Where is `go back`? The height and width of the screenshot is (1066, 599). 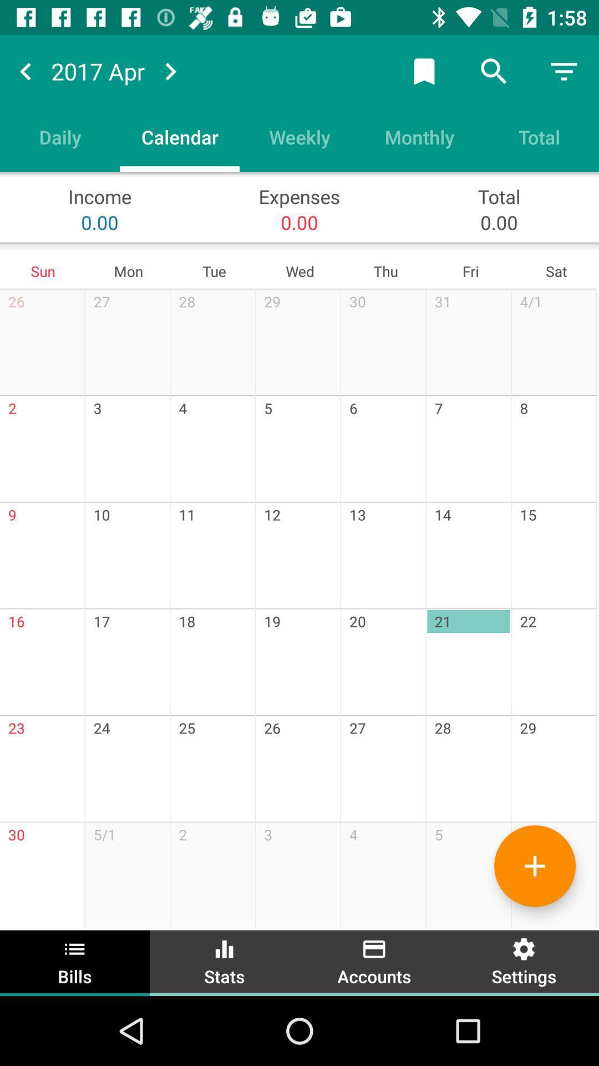
go back is located at coordinates (25, 71).